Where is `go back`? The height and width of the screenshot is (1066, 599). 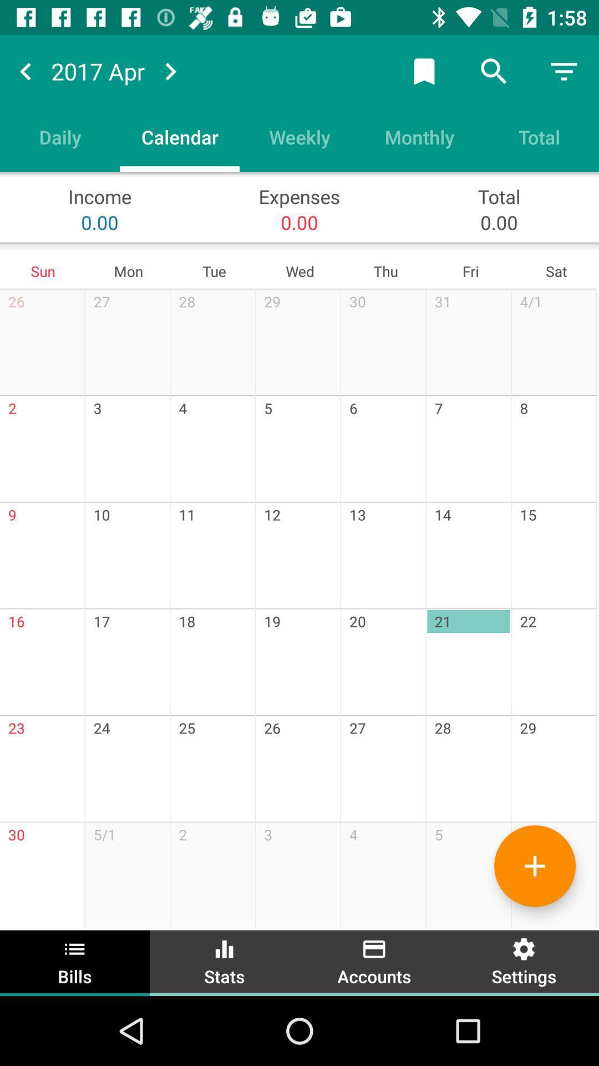
go back is located at coordinates (25, 71).